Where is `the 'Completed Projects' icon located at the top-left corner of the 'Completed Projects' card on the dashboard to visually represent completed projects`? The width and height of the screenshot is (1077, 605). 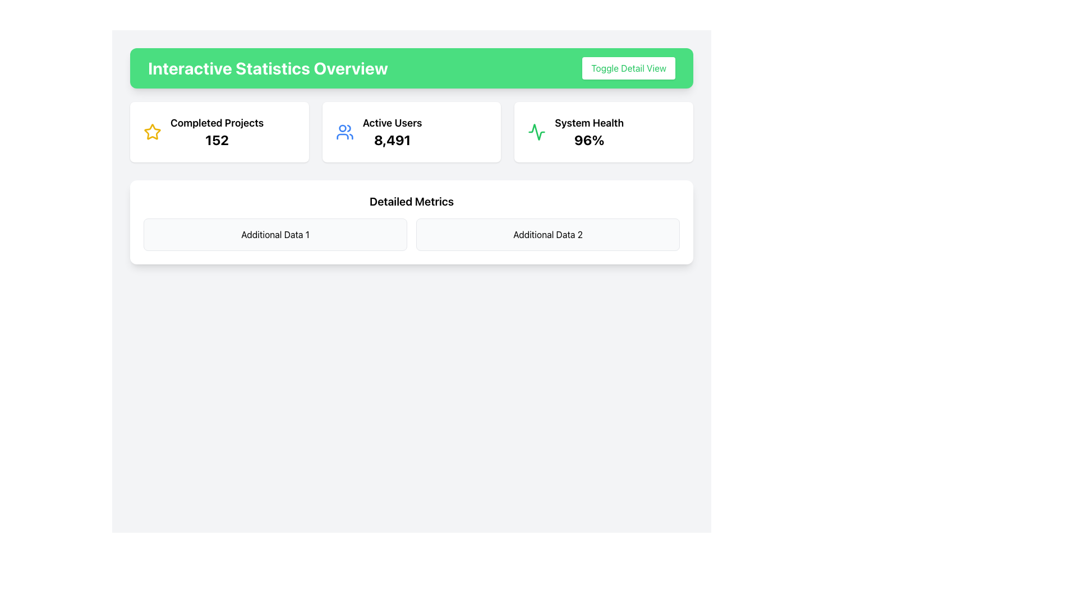
the 'Completed Projects' icon located at the top-left corner of the 'Completed Projects' card on the dashboard to visually represent completed projects is located at coordinates (152, 131).